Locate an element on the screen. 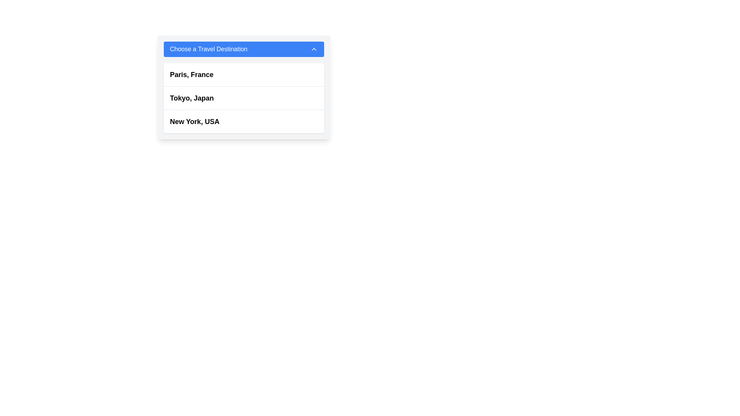 Image resolution: width=740 pixels, height=416 pixels. the upward-pointing chevron icon located at the rightmost end of the 'Choose a Travel Destination' button is located at coordinates (314, 49).